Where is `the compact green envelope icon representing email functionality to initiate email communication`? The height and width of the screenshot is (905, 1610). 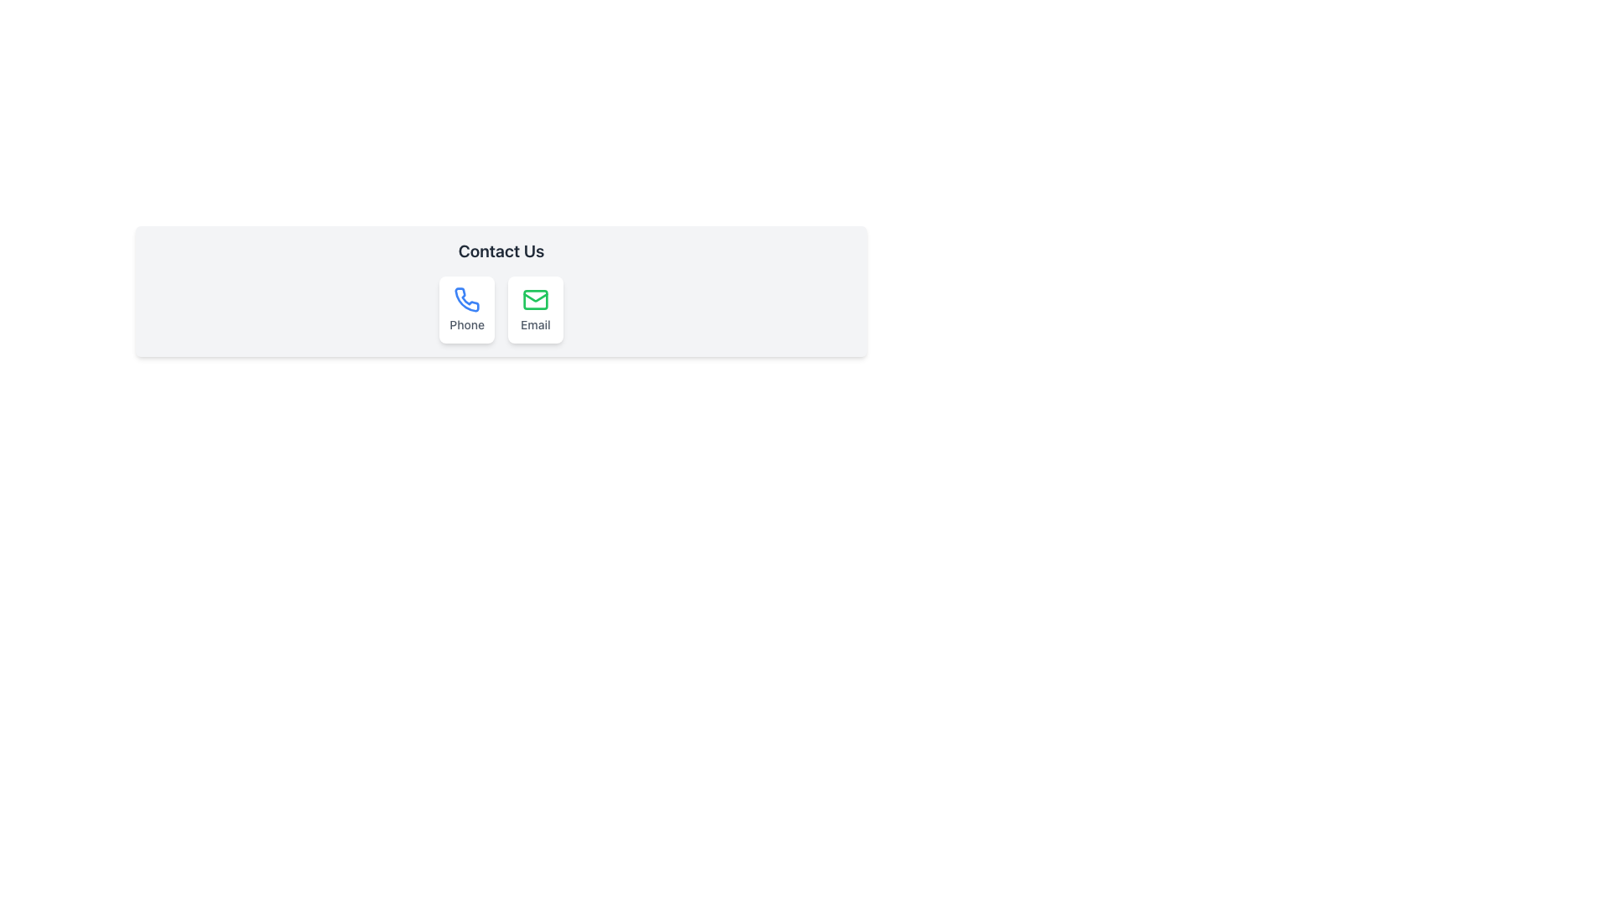 the compact green envelope icon representing email functionality to initiate email communication is located at coordinates (534, 299).